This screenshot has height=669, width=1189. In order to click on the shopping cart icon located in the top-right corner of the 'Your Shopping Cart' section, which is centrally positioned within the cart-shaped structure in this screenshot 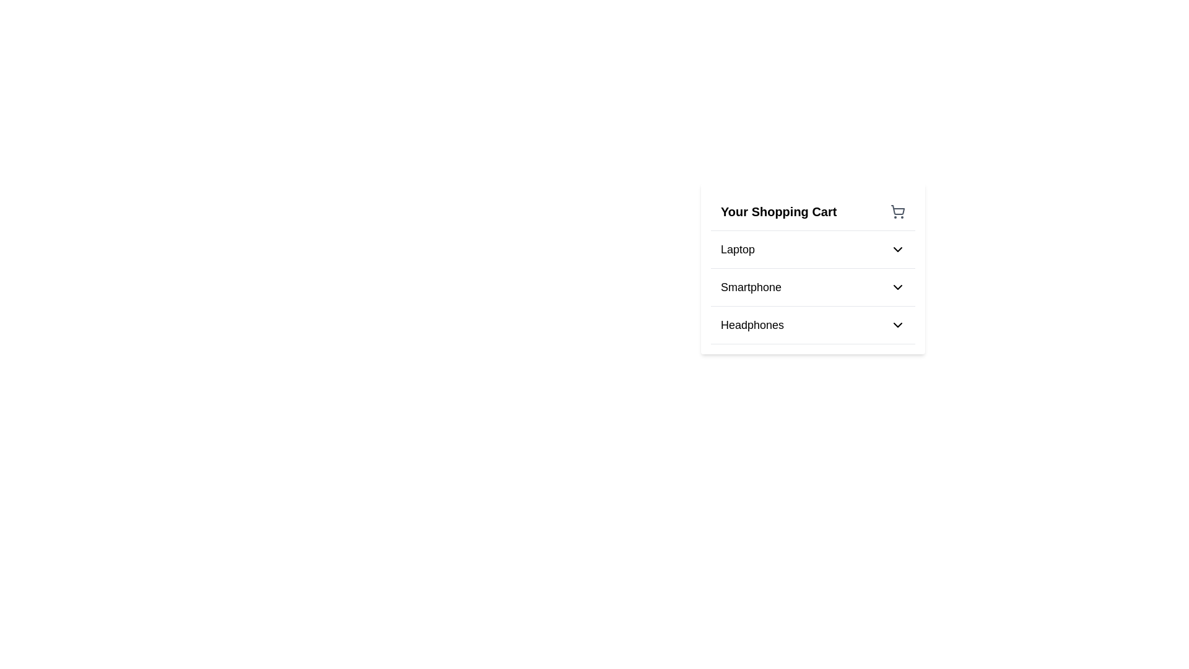, I will do `click(897, 209)`.